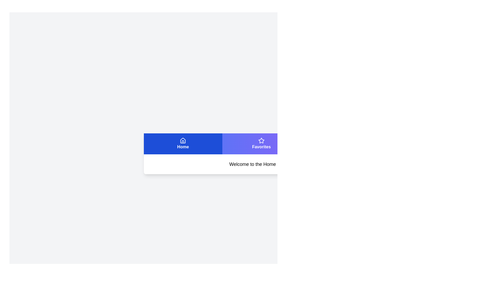  What do you see at coordinates (183, 142) in the screenshot?
I see `the vertical rectangular icon resembling a house's door, located in the bottom navigation bar near the 'Home' label` at bounding box center [183, 142].